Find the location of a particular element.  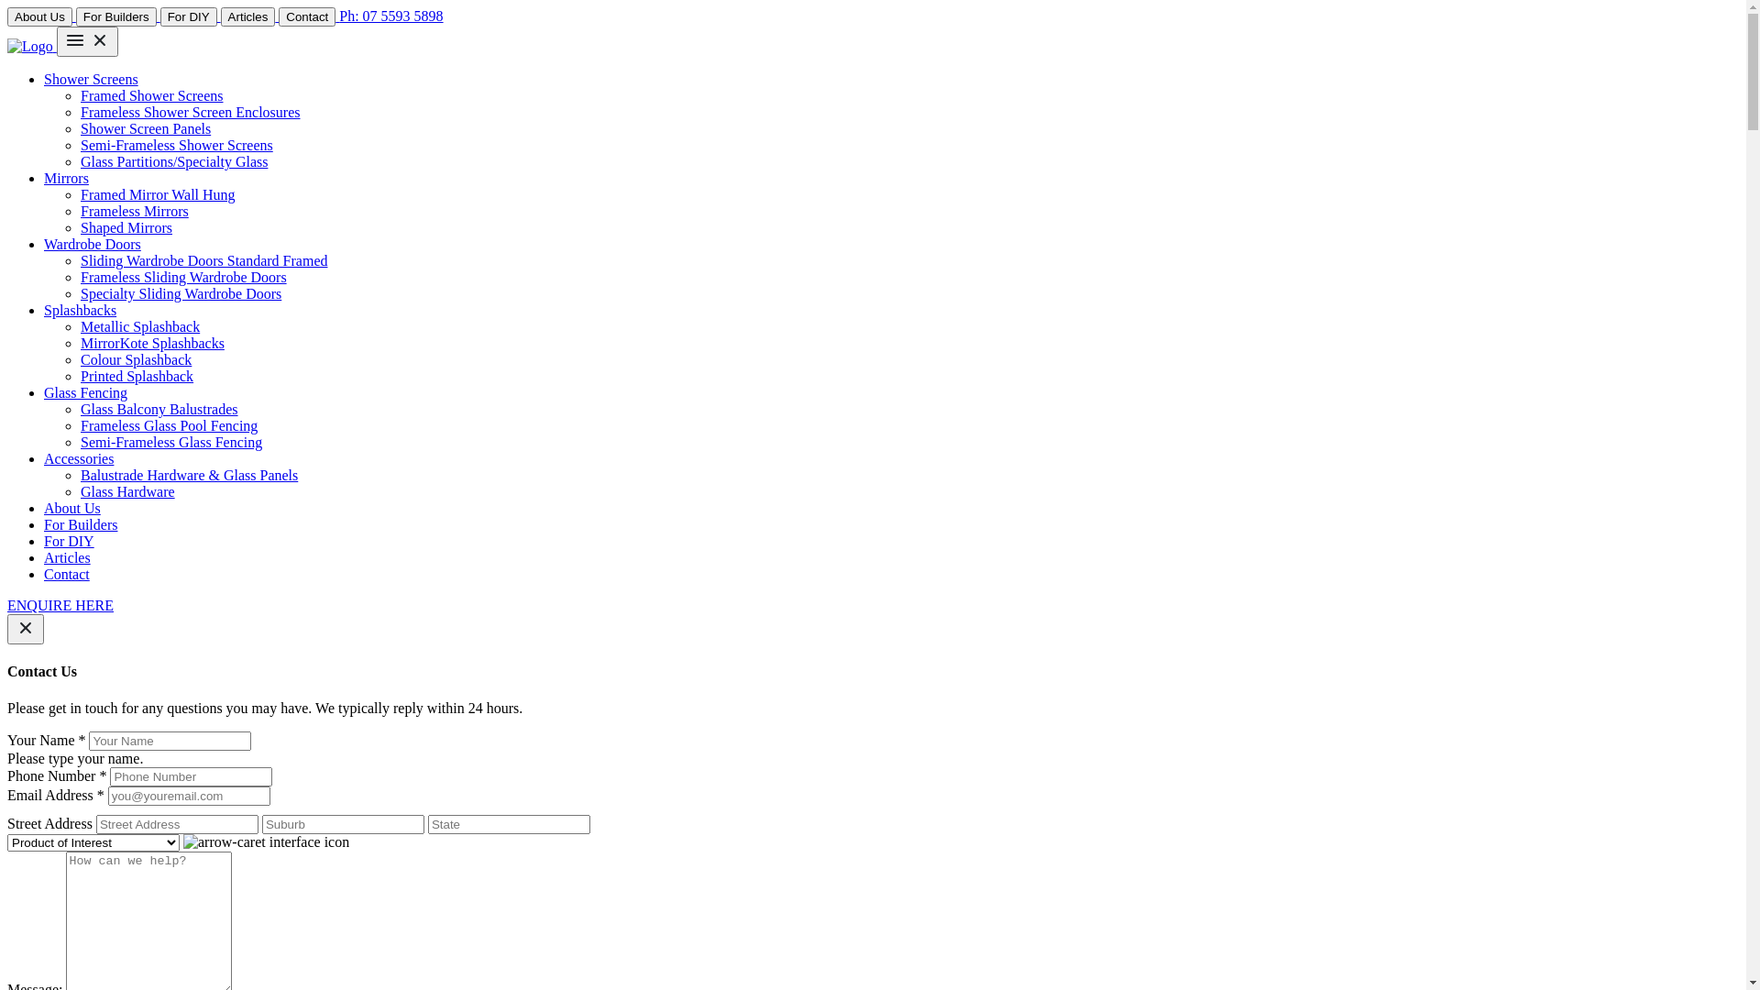

'Semi-Frameless Glass Fencing' is located at coordinates (79, 442).